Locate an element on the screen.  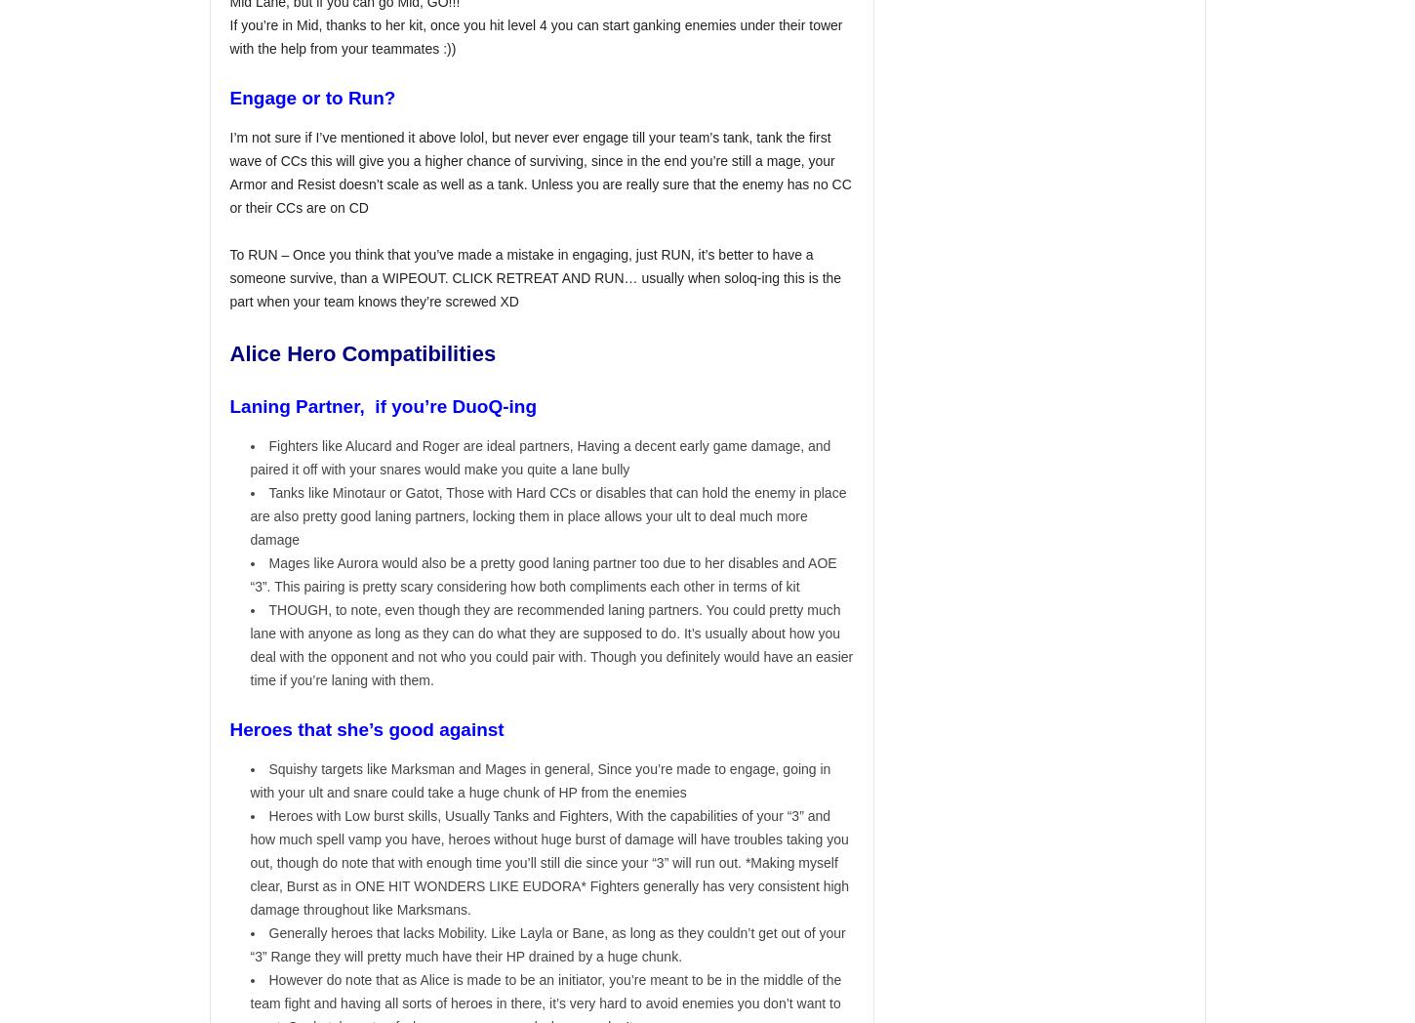
'Laning Partner,  if you’re DuoQ-ing' is located at coordinates (386, 405).